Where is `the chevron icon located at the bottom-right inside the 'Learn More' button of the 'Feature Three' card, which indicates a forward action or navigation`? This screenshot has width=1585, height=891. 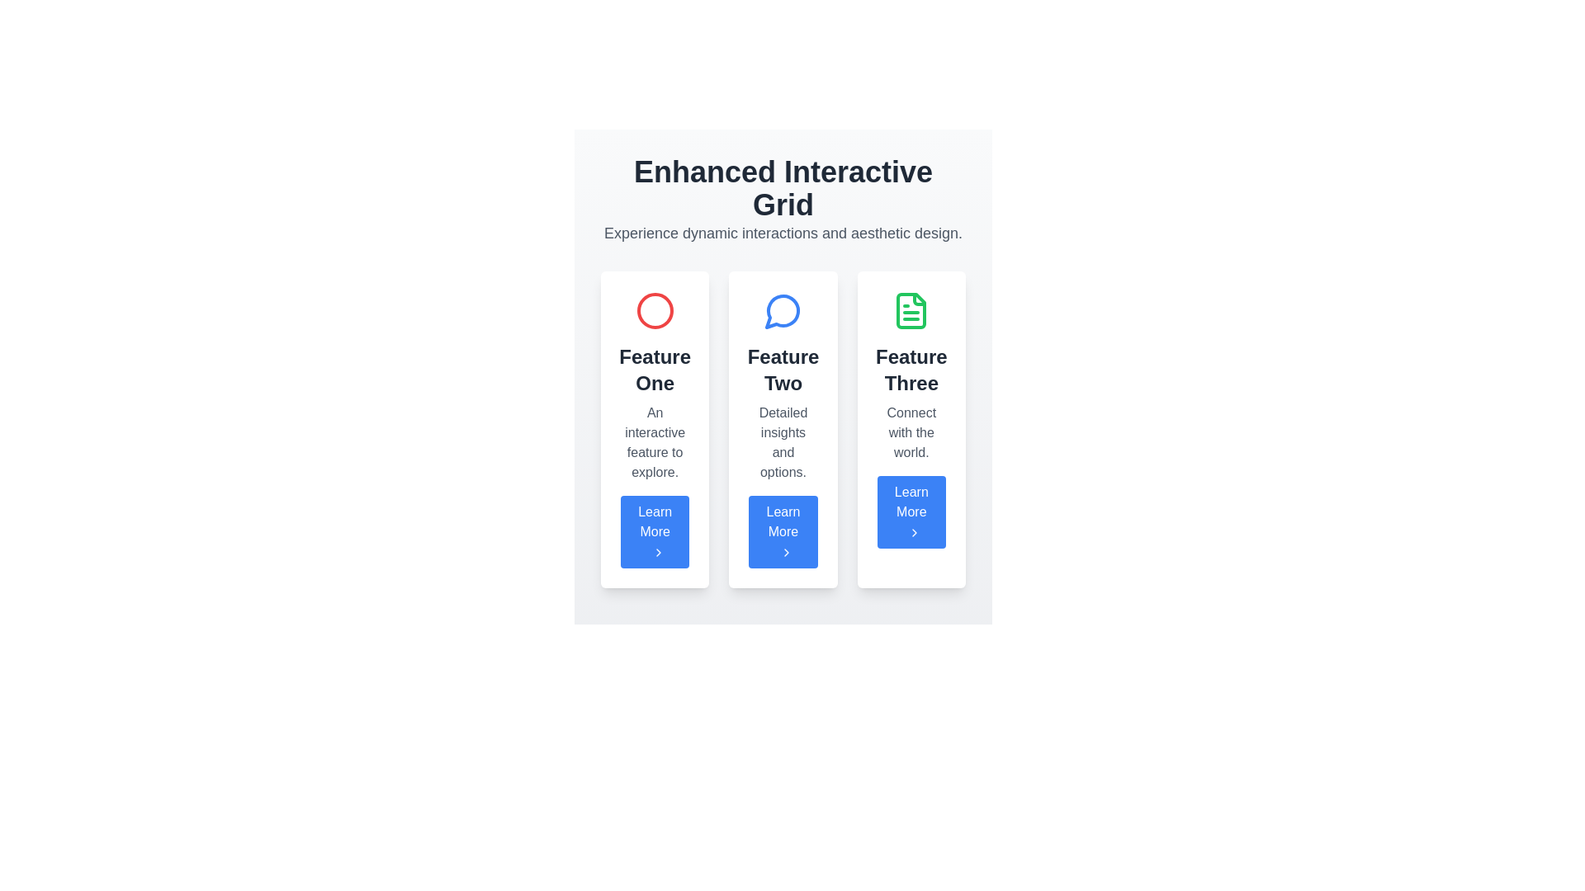
the chevron icon located at the bottom-right inside the 'Learn More' button of the 'Feature Three' card, which indicates a forward action or navigation is located at coordinates (914, 532).